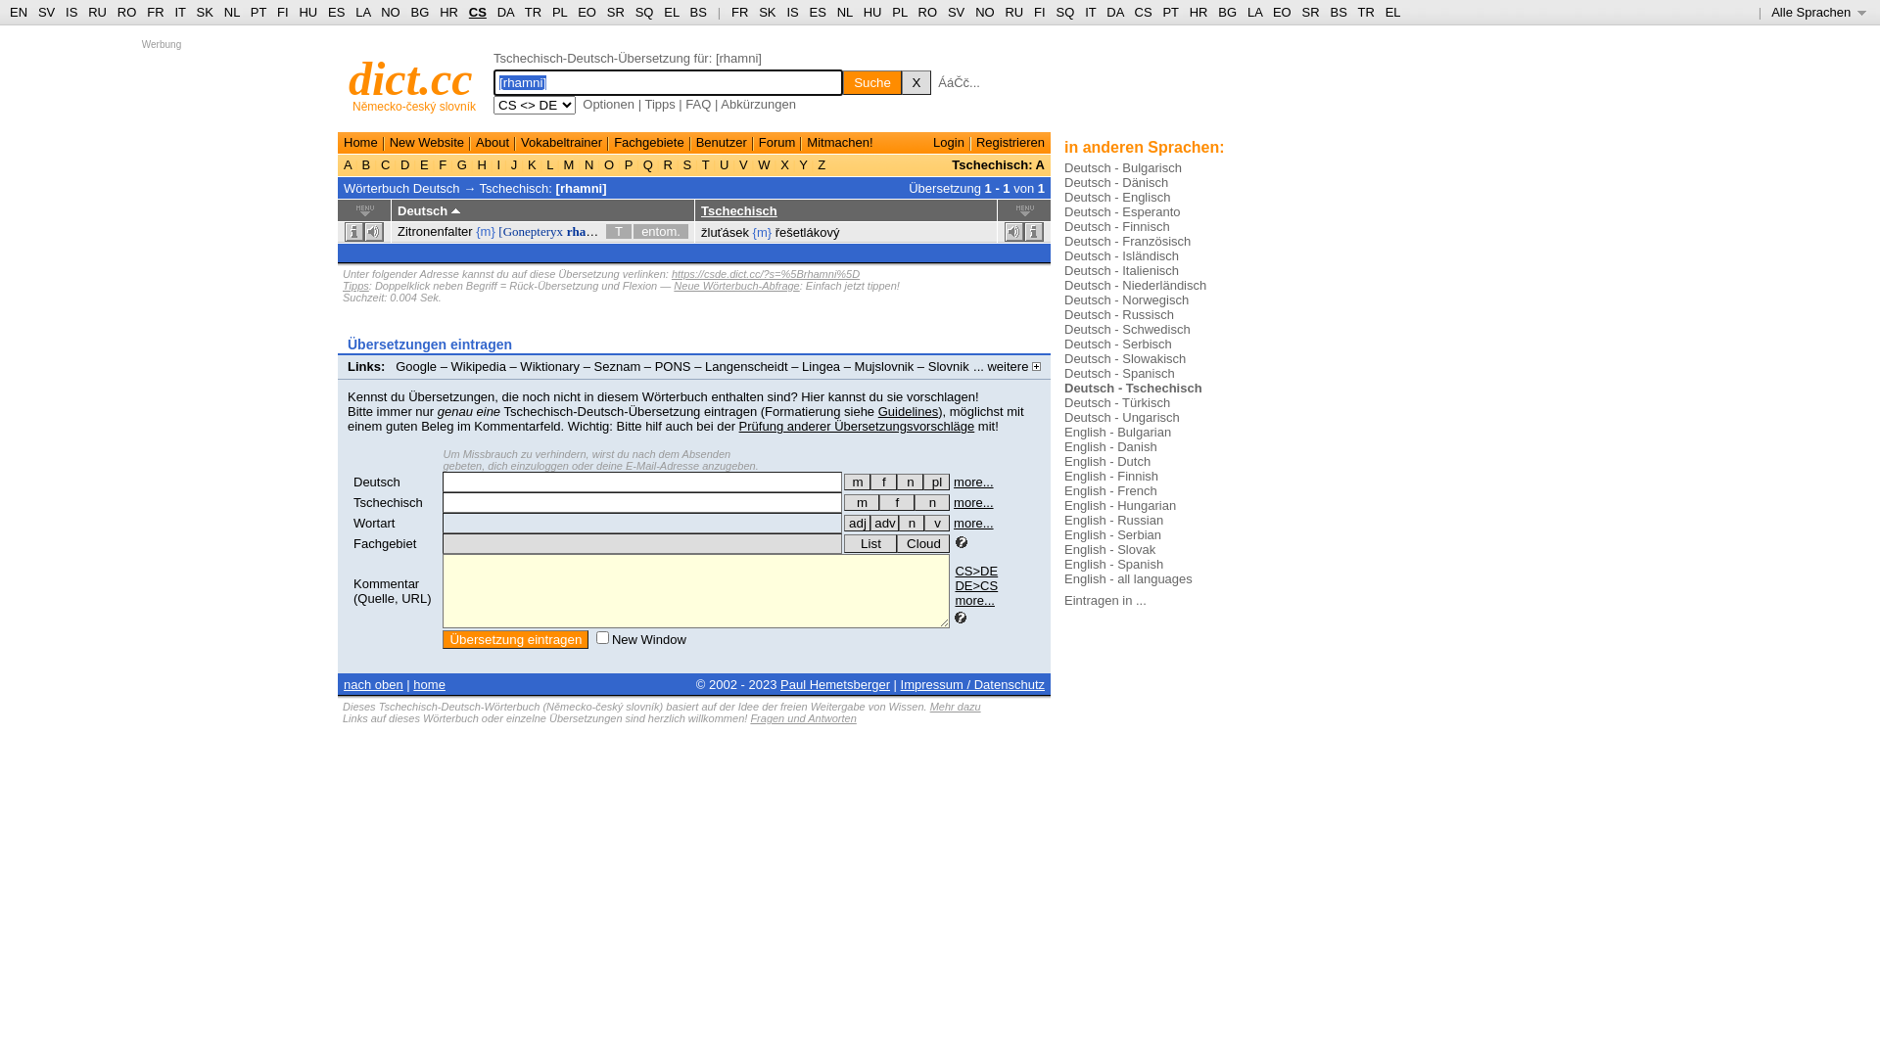  What do you see at coordinates (1126, 299) in the screenshot?
I see `'Deutsch - Norwegisch'` at bounding box center [1126, 299].